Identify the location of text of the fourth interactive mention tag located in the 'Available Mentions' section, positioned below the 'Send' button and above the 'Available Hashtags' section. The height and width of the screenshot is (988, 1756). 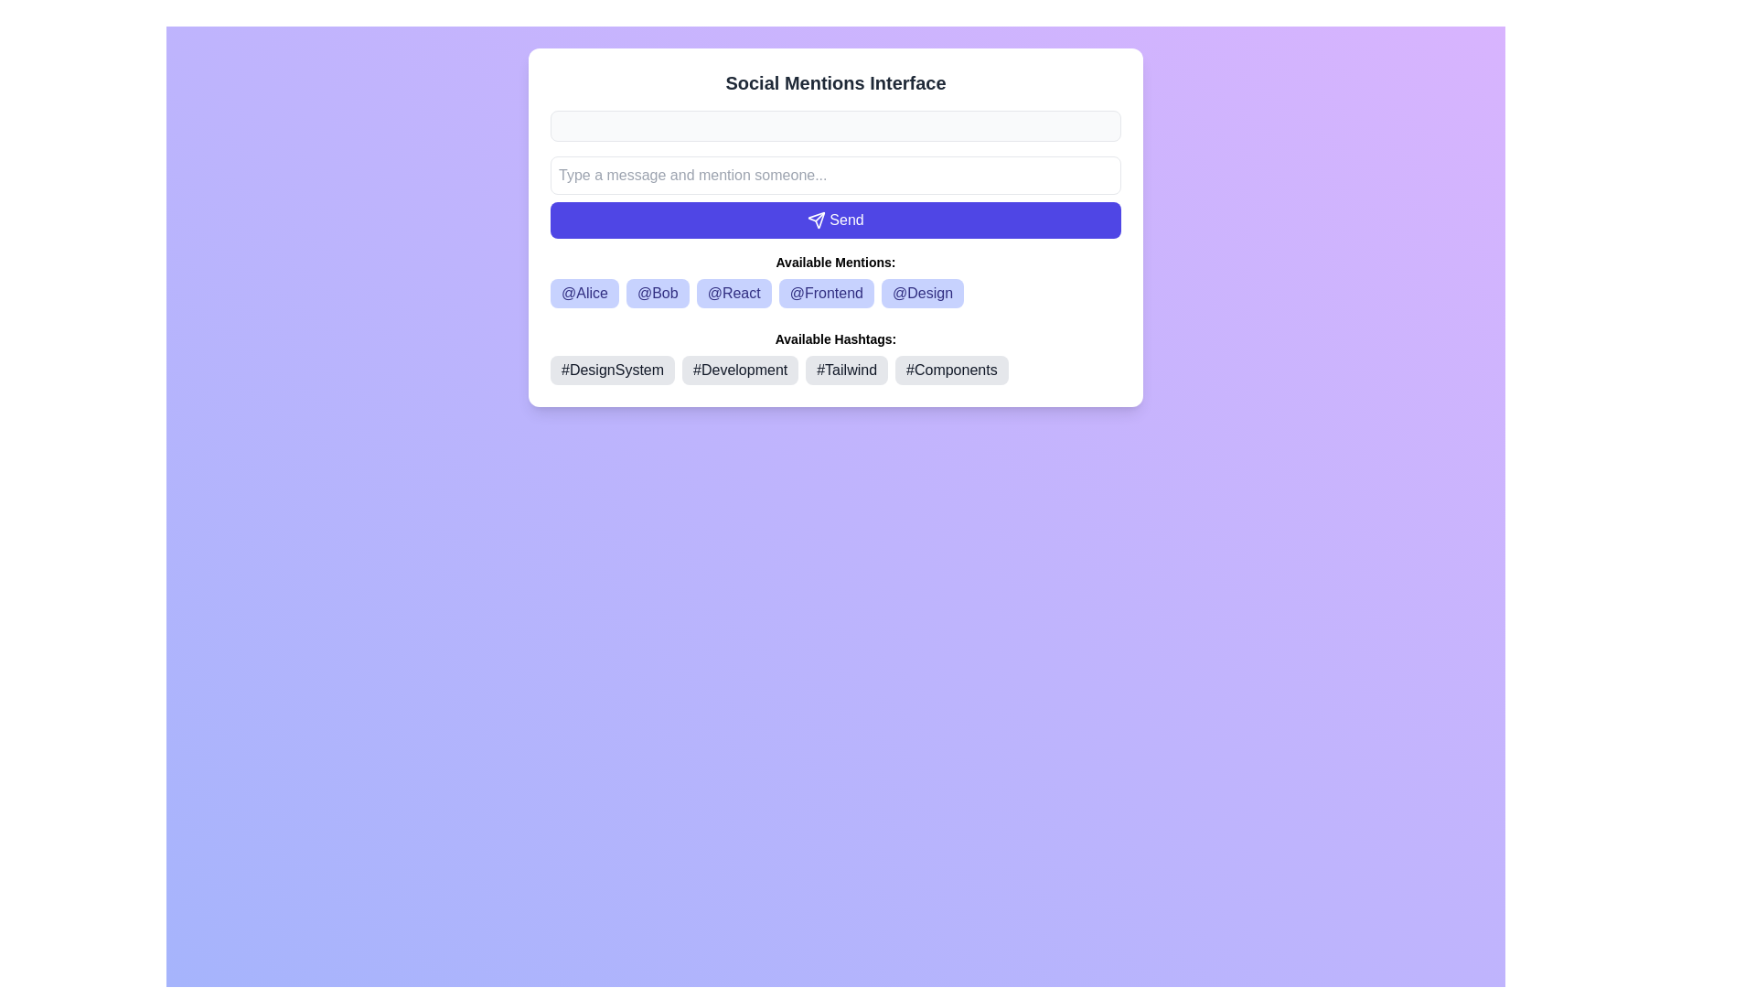
(834, 292).